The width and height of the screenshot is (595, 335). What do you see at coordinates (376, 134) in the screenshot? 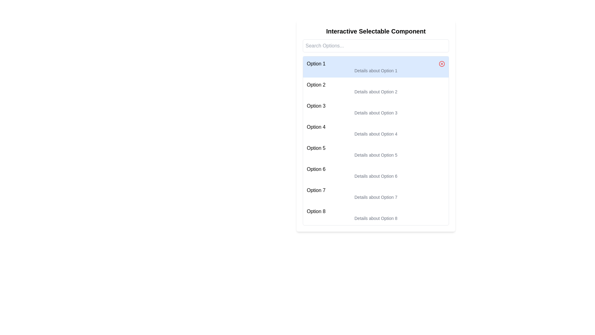
I see `the text description reading 'Details about Option 4', which is styled in a small gray font and located below the main label 'Option 4'` at bounding box center [376, 134].